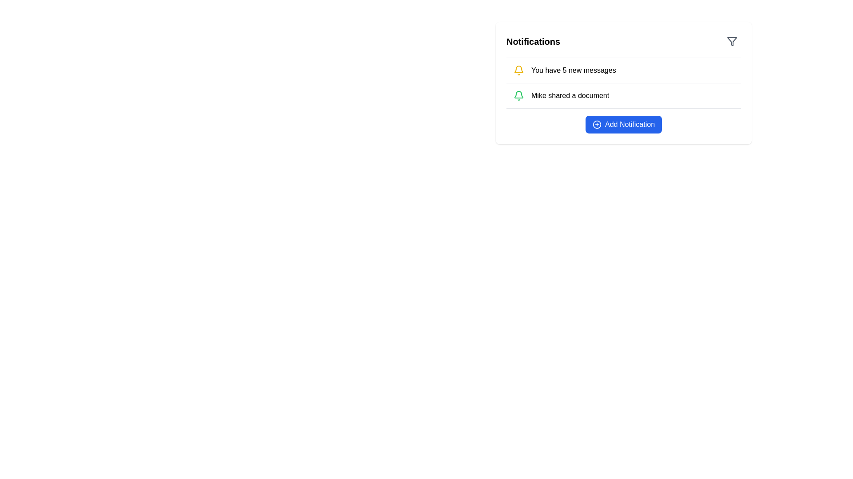 The image size is (853, 479). What do you see at coordinates (623, 125) in the screenshot?
I see `the blue button located at the bottom center of the card` at bounding box center [623, 125].